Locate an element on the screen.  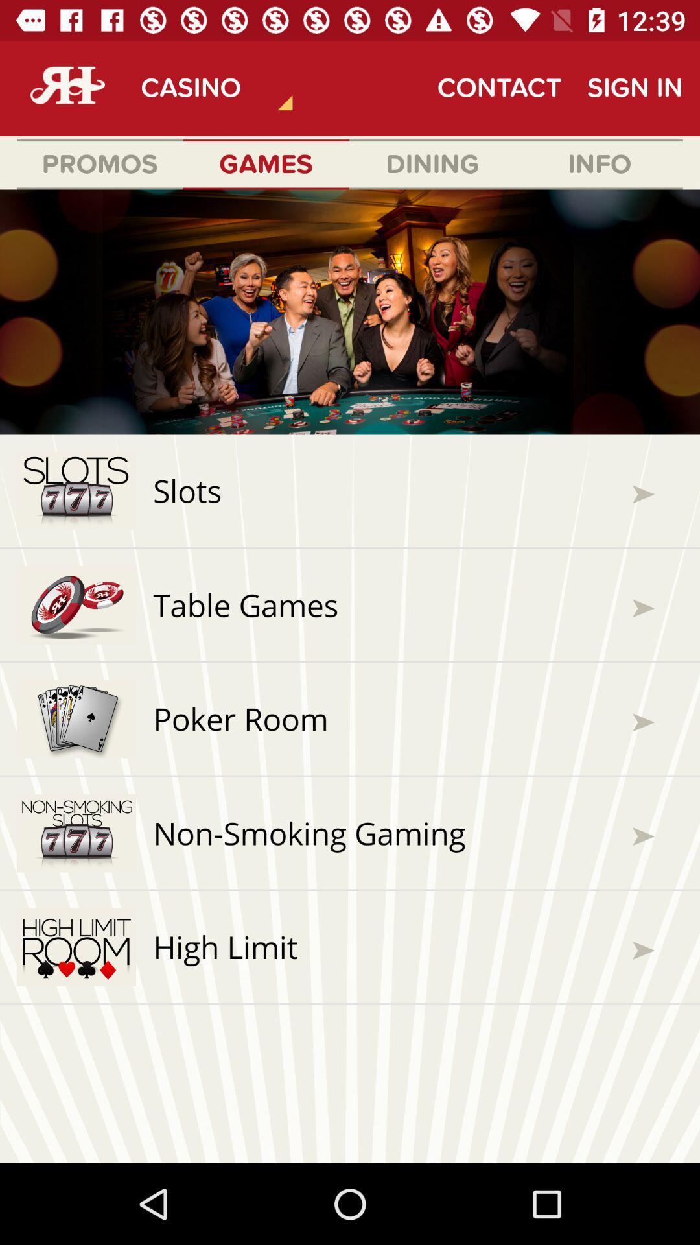
game is located at coordinates (350, 676).